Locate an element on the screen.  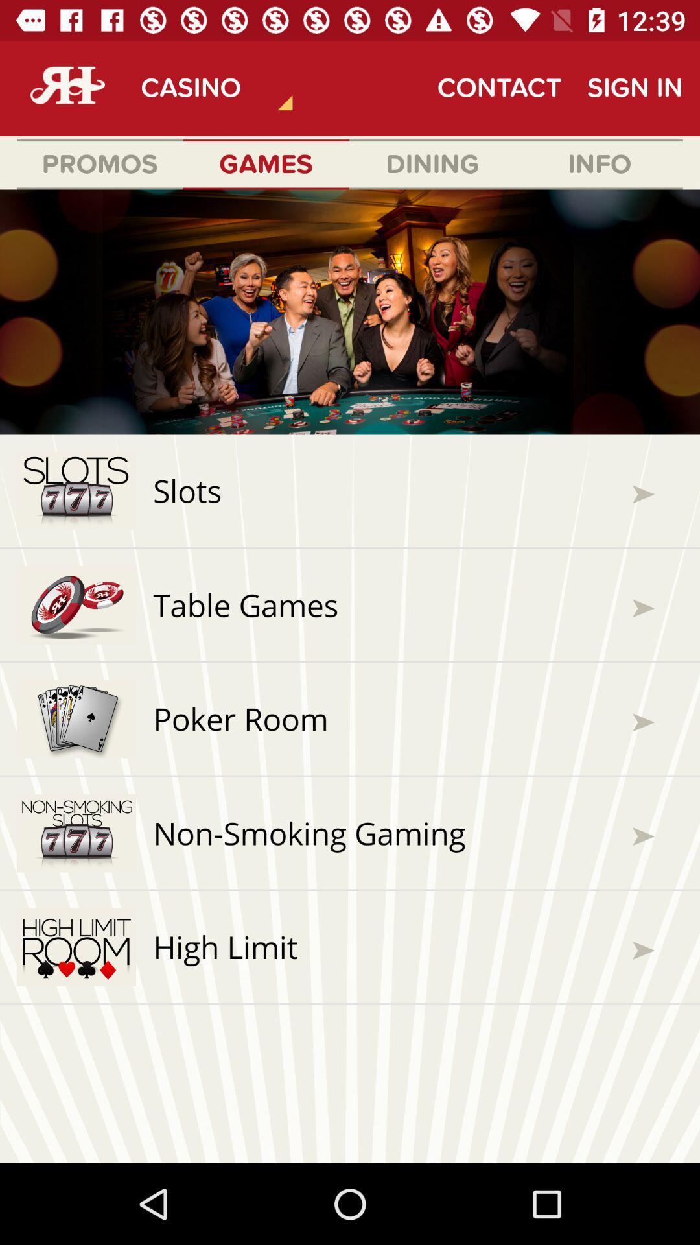
game is located at coordinates (350, 676).